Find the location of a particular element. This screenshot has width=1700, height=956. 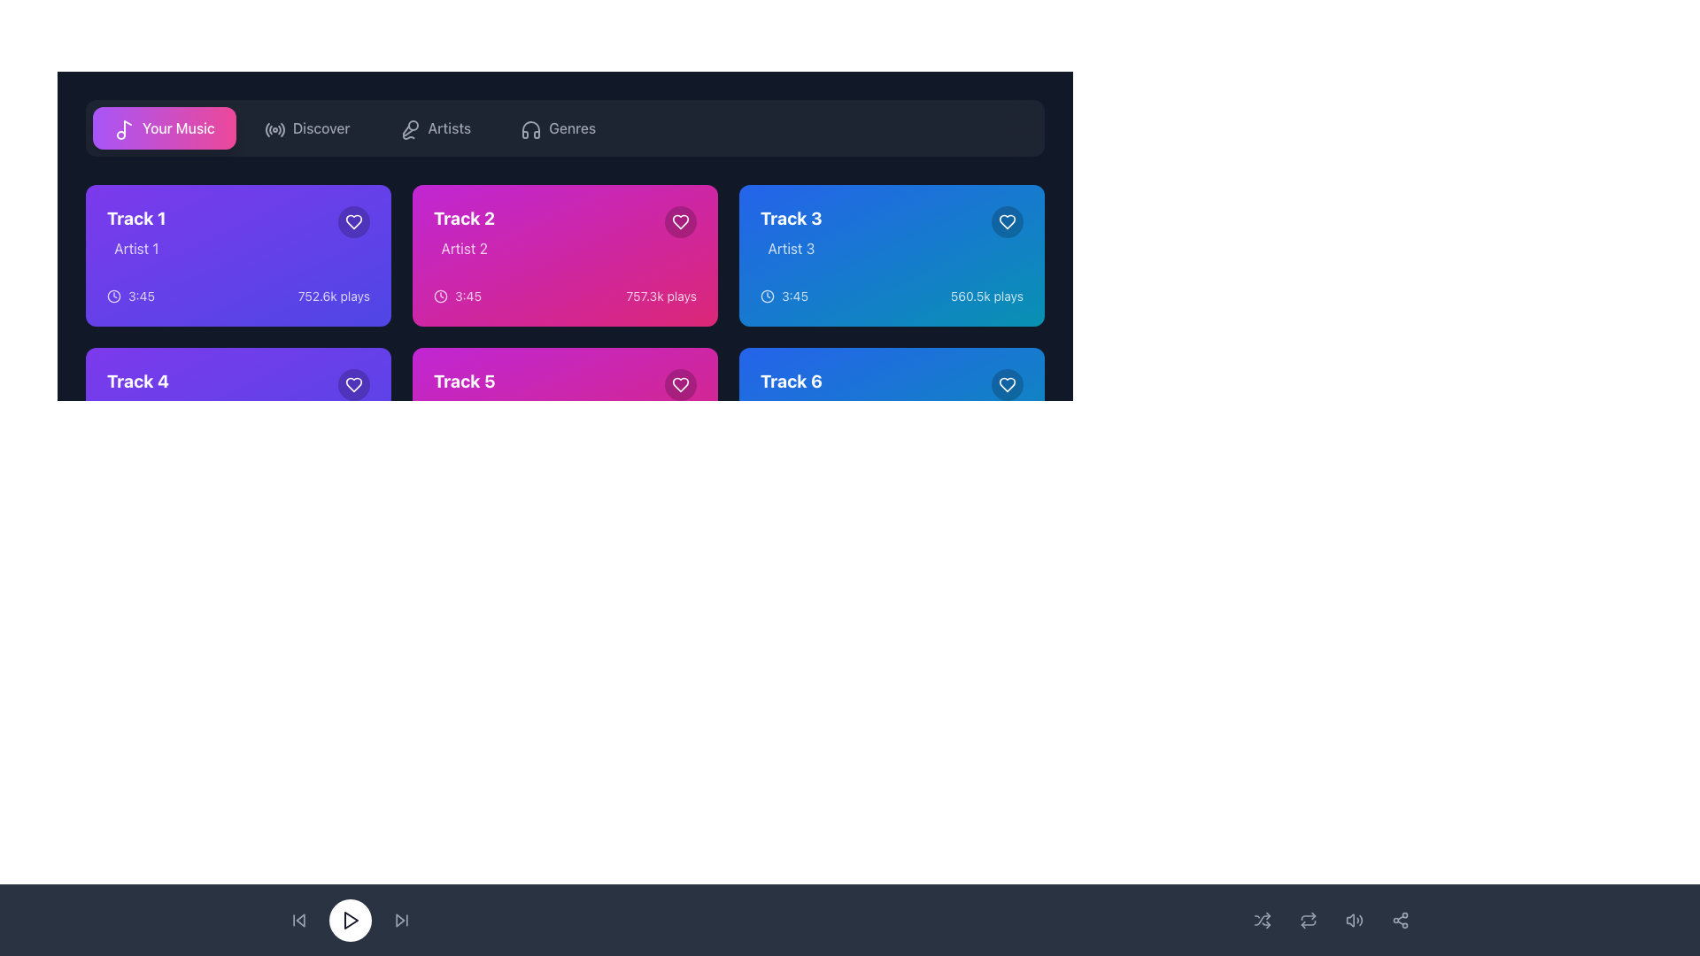

the repeat button represented by a circular arrow icon in the bottom right corner of the playback control section is located at coordinates (1309, 920).